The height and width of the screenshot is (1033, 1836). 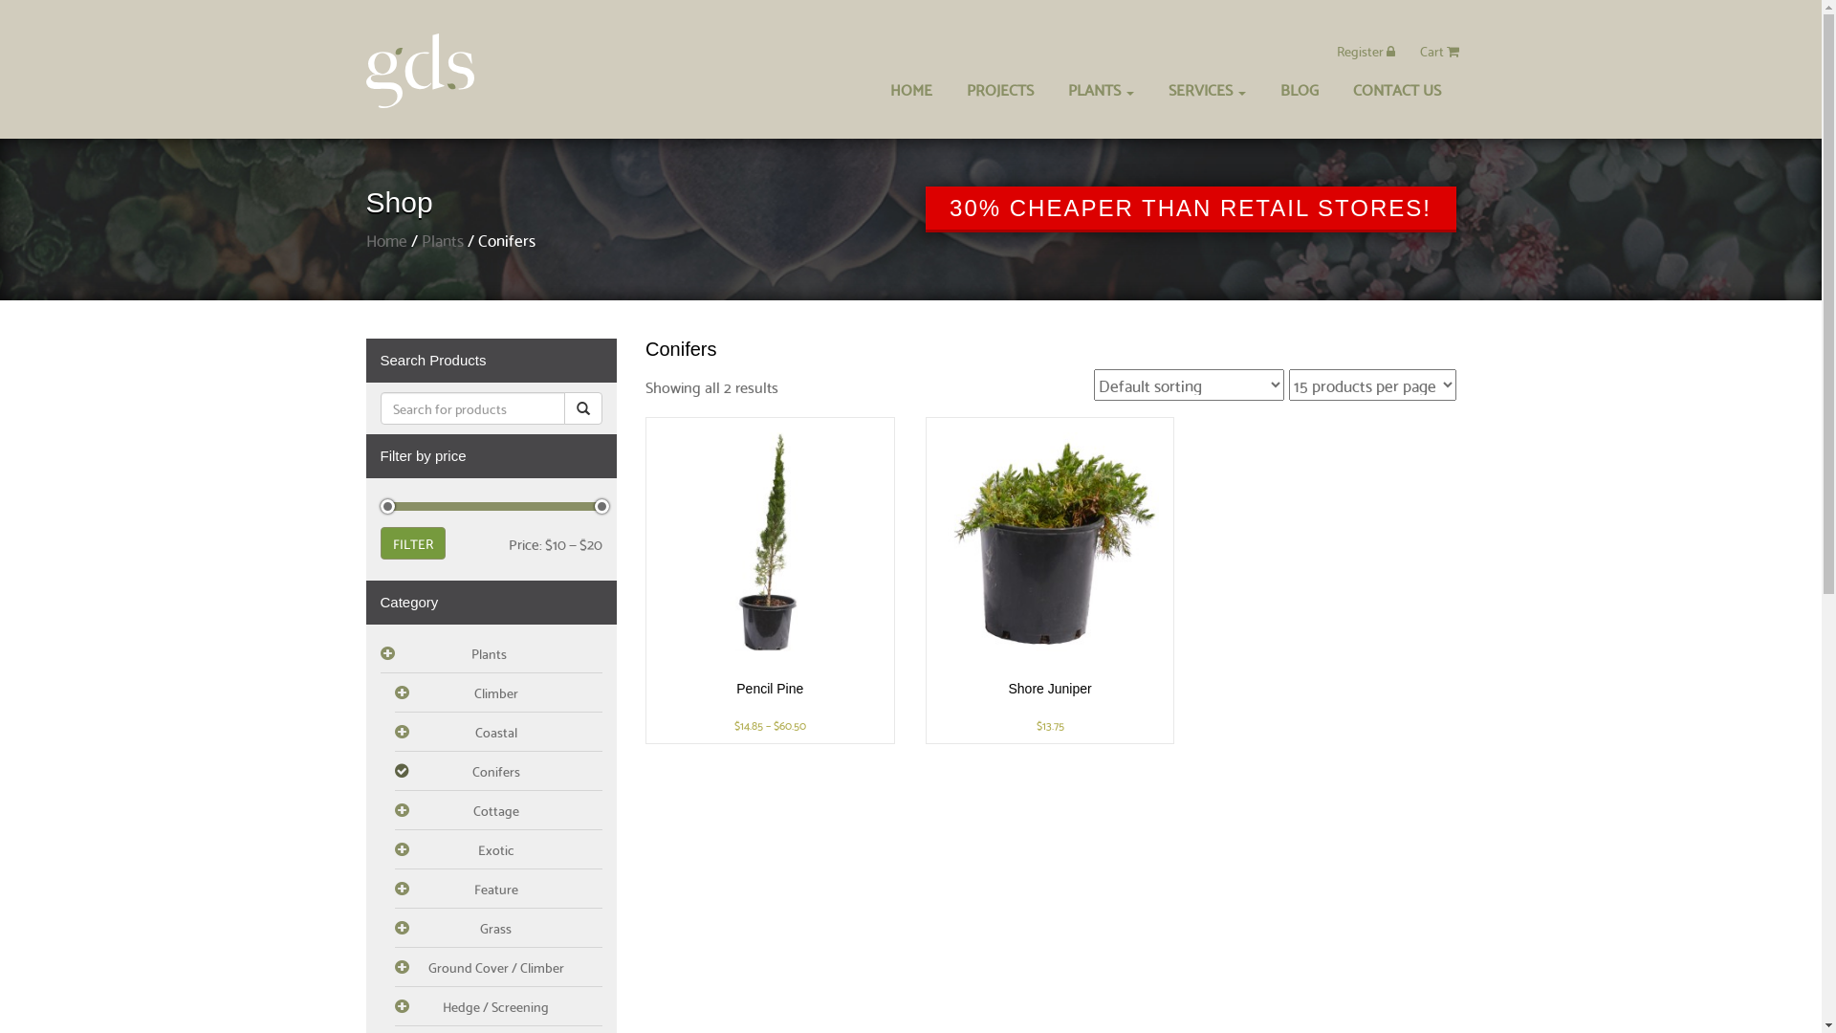 I want to click on 'HOME', so click(x=908, y=88).